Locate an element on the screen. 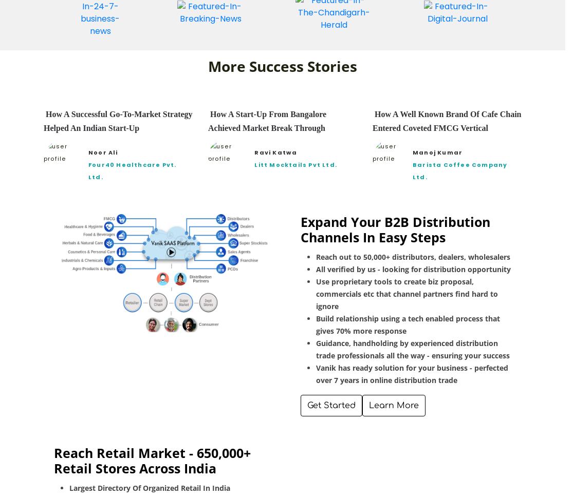 This screenshot has height=497, width=573. 'More Success Stories' is located at coordinates (207, 65).